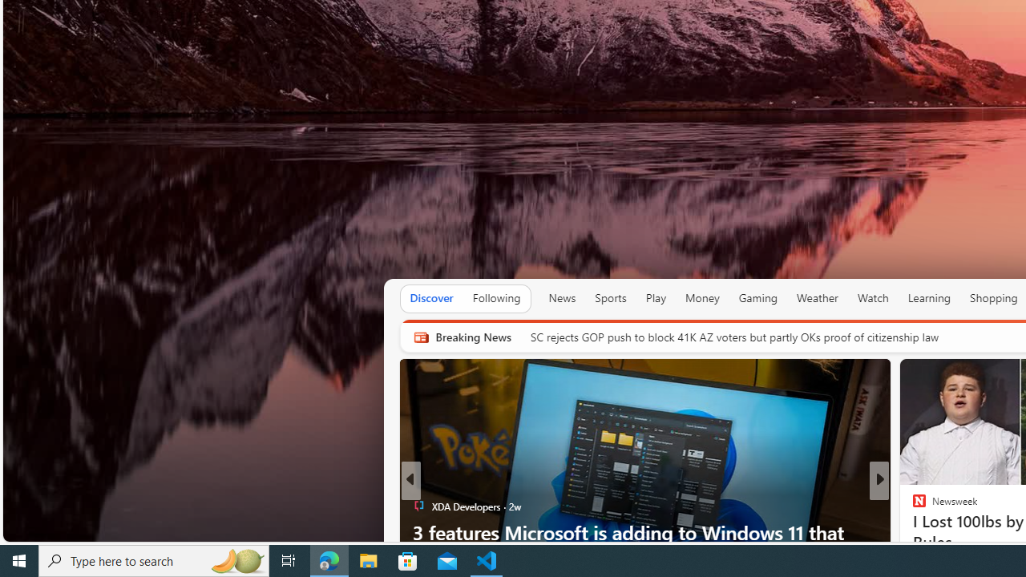 This screenshot has width=1026, height=577. What do you see at coordinates (757, 298) in the screenshot?
I see `'Gaming'` at bounding box center [757, 298].